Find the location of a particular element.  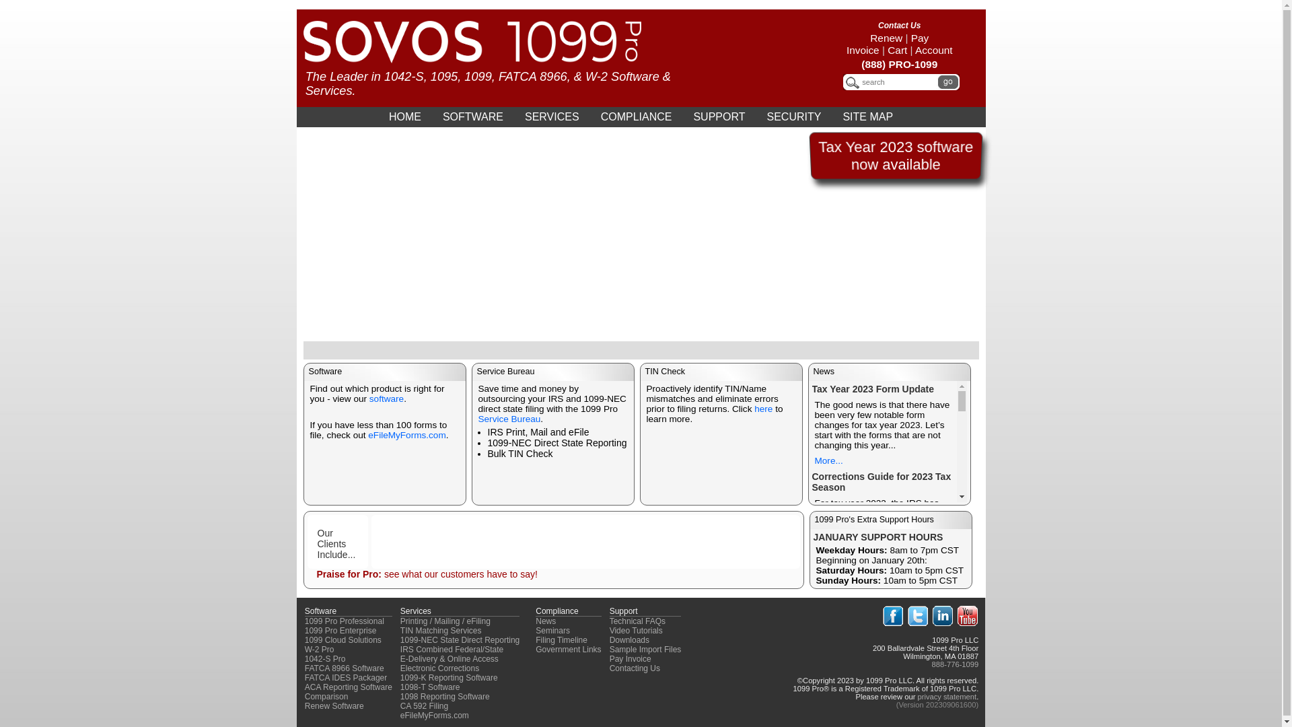

'SITE MAP' is located at coordinates (832, 116).